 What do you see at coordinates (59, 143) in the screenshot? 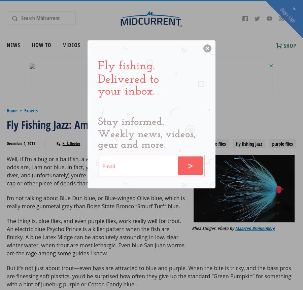
I see `'By:'` at bounding box center [59, 143].